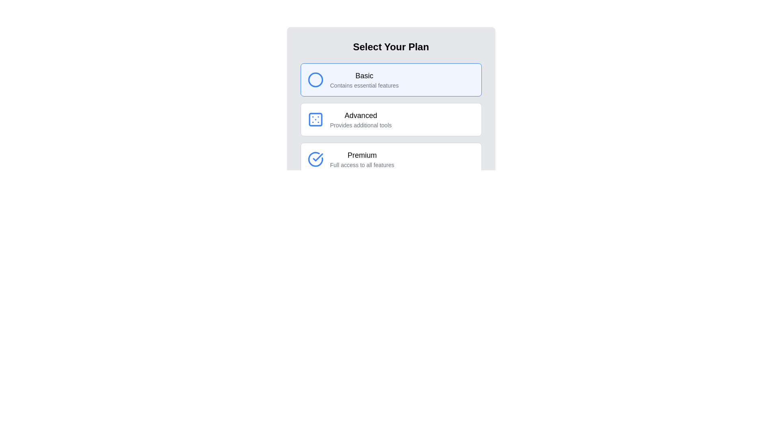  Describe the element at coordinates (360, 116) in the screenshot. I see `text label displaying 'Advanced' which is a bold font style and positioned above the subtitle 'Provides additional tools' in the second option of the vertically stacked plan choices` at that location.